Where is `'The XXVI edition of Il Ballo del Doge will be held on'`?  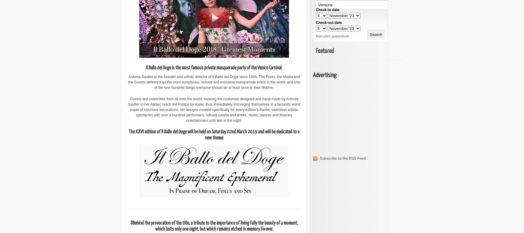 'The XXVI edition of Il Ballo del Doge will be held on' is located at coordinates (170, 132).